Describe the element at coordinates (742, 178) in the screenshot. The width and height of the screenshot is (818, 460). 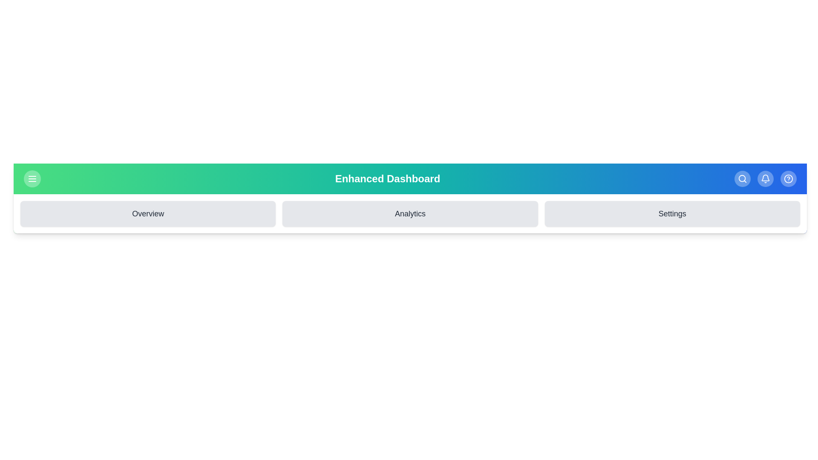
I see `the button corresponding to Search` at that location.